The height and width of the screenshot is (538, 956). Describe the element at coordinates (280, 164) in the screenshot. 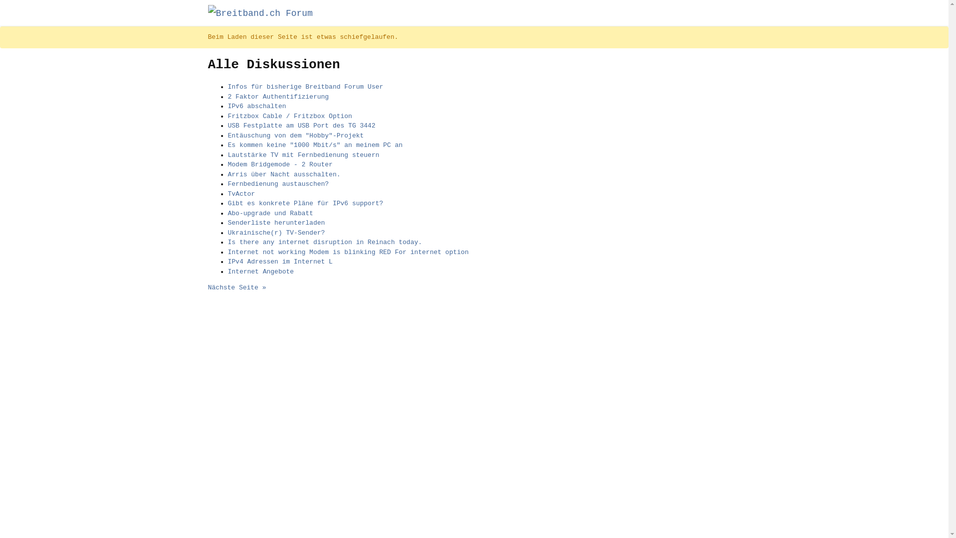

I see `'Modem Bridgemode - 2 Router'` at that location.